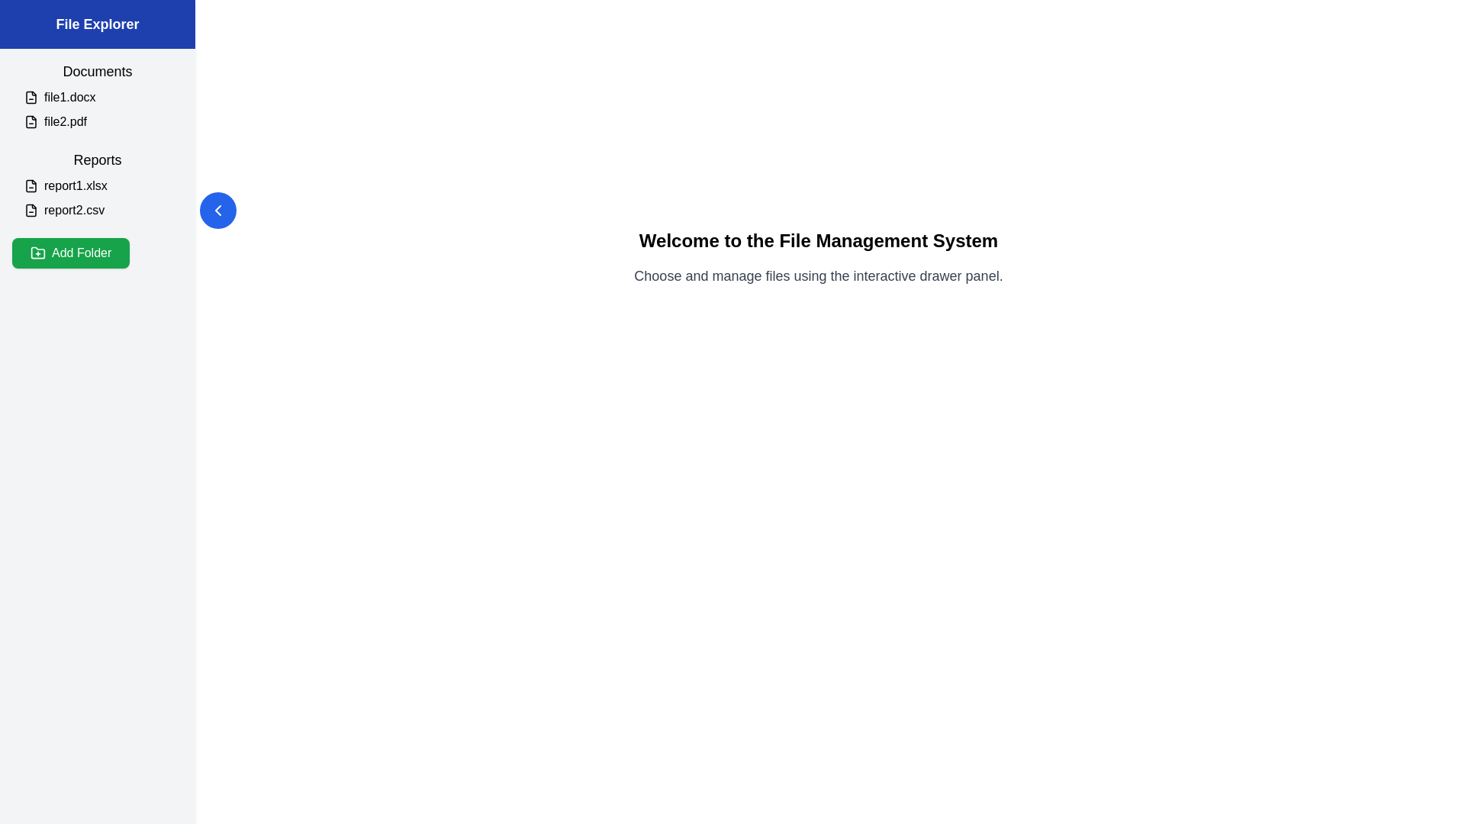 The image size is (1465, 824). I want to click on the 'Add Folder' button located in the vertical sequence under the 'Reports' header in the left file explorer panel, so click(70, 252).